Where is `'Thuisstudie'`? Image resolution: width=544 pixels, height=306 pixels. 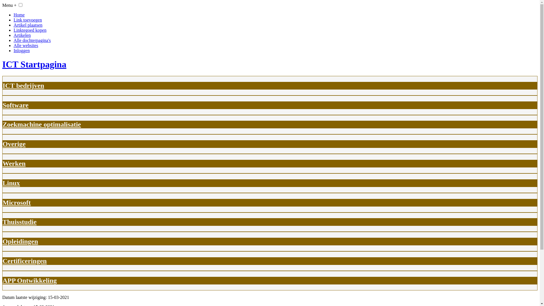
'Thuisstudie' is located at coordinates (3, 222).